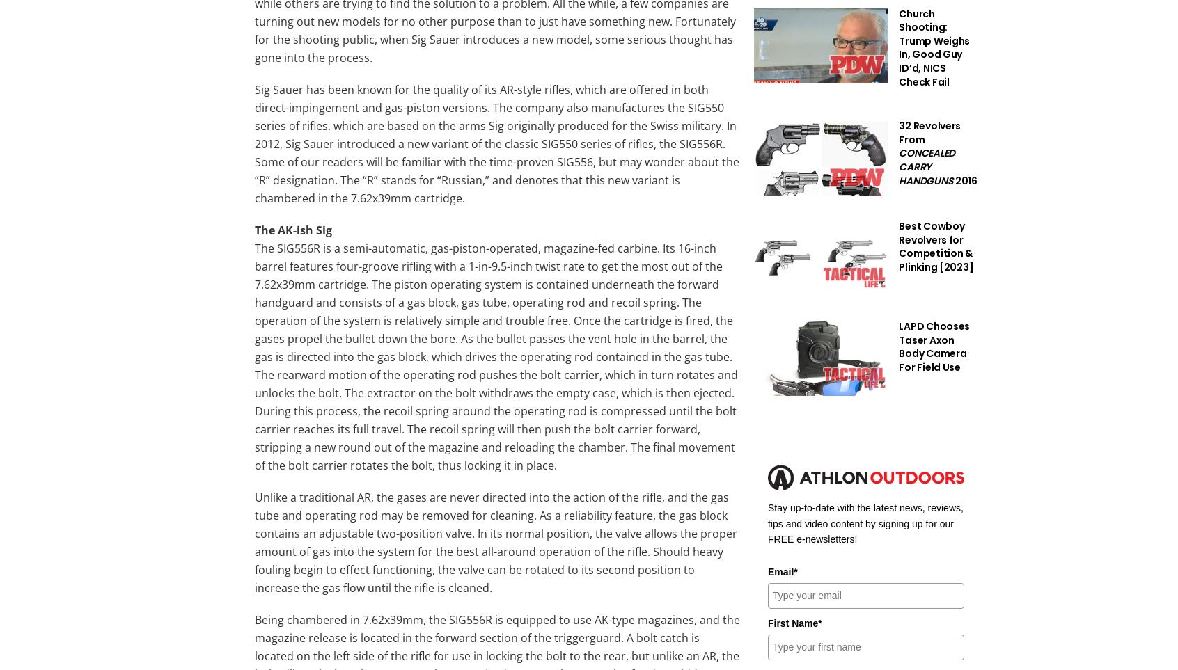 The width and height of the screenshot is (1178, 670). Describe the element at coordinates (897, 346) in the screenshot. I see `'LAPD Chooses Taser Axon Body Camera For Field Use'` at that location.